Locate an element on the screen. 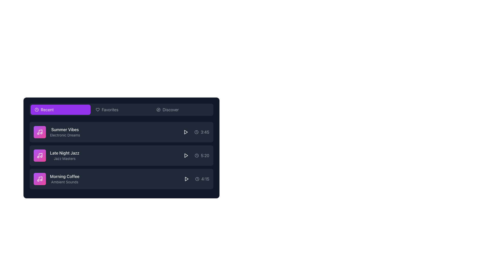 The height and width of the screenshot is (275, 490). the small round clock icon with a thin circular outline located to the left of the time display '5:20' in the 'Late Night Jazz' list item is located at coordinates (196, 155).